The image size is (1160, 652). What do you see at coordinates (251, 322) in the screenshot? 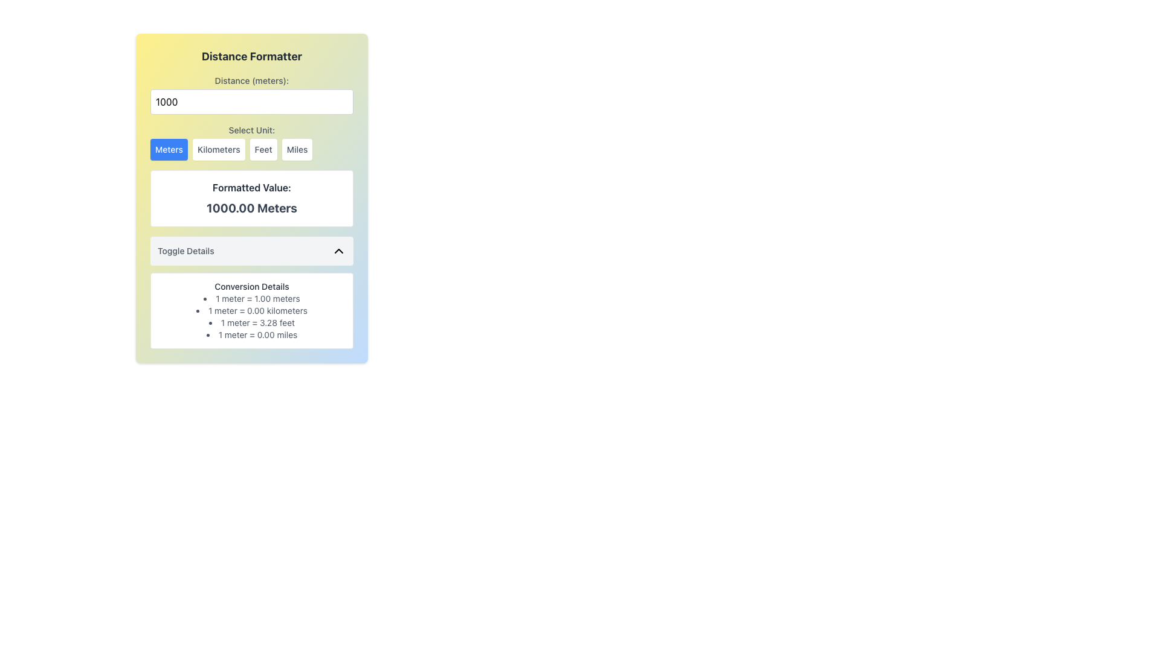
I see `the informational text that displays the conversion value of one meter into feet, which is the third item in a vertically stacked bullet-pointed list of conversion details` at bounding box center [251, 322].